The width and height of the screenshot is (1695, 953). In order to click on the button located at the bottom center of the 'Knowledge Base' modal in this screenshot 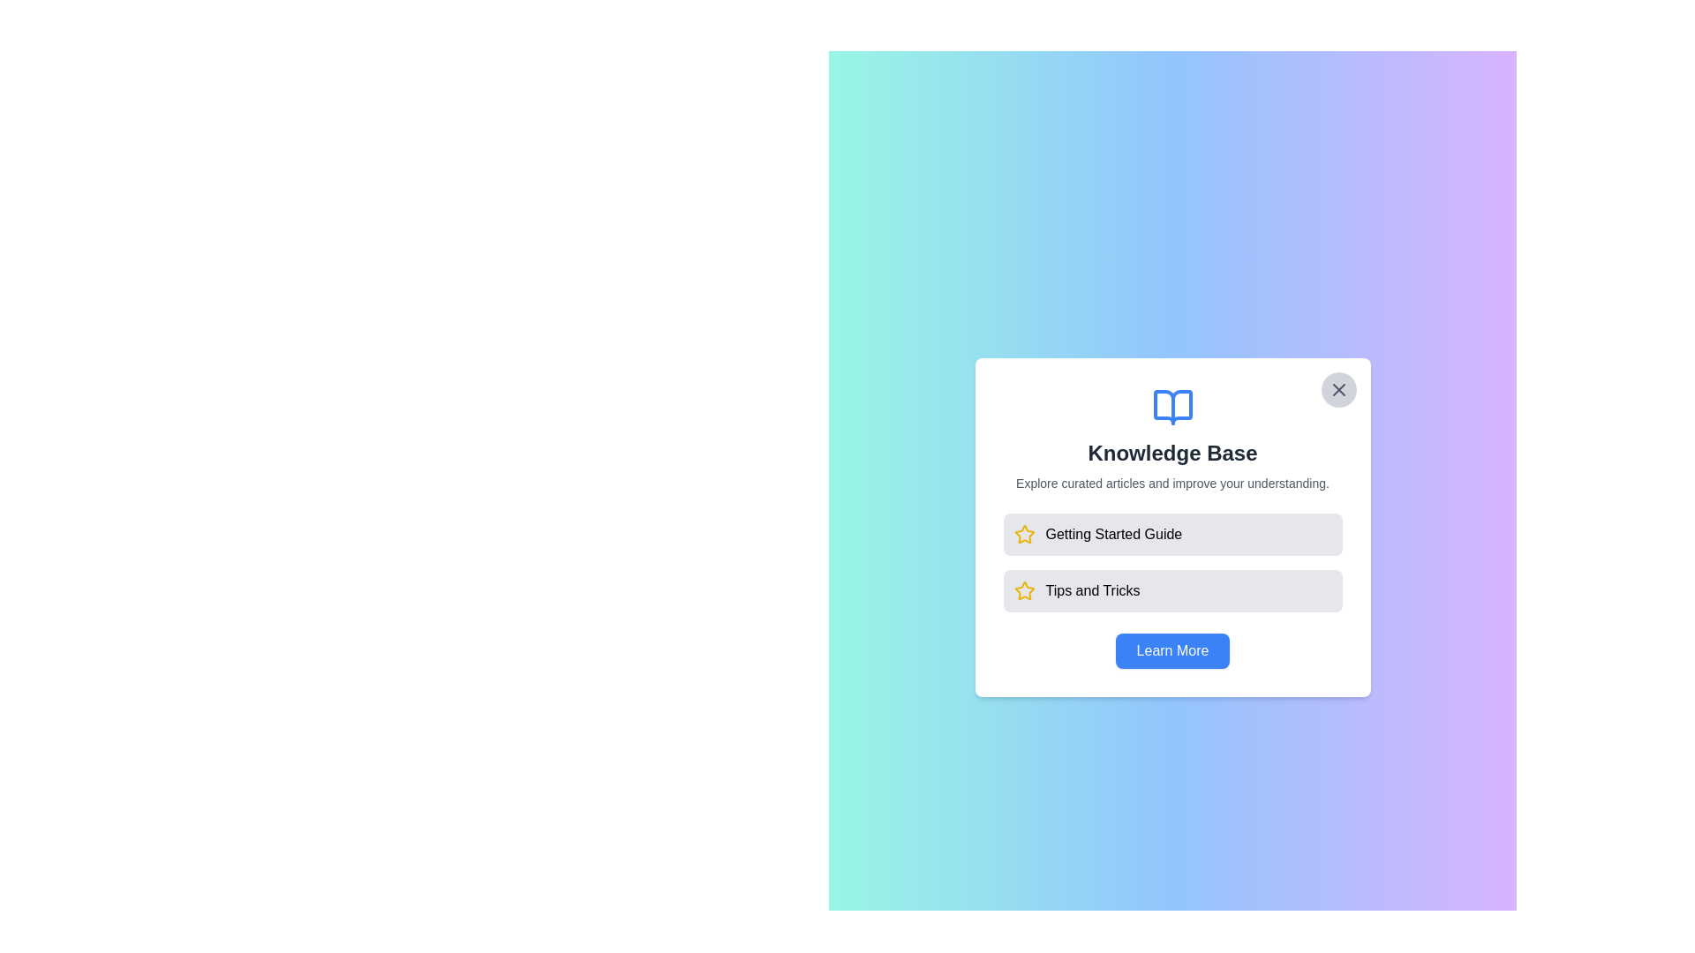, I will do `click(1172, 650)`.